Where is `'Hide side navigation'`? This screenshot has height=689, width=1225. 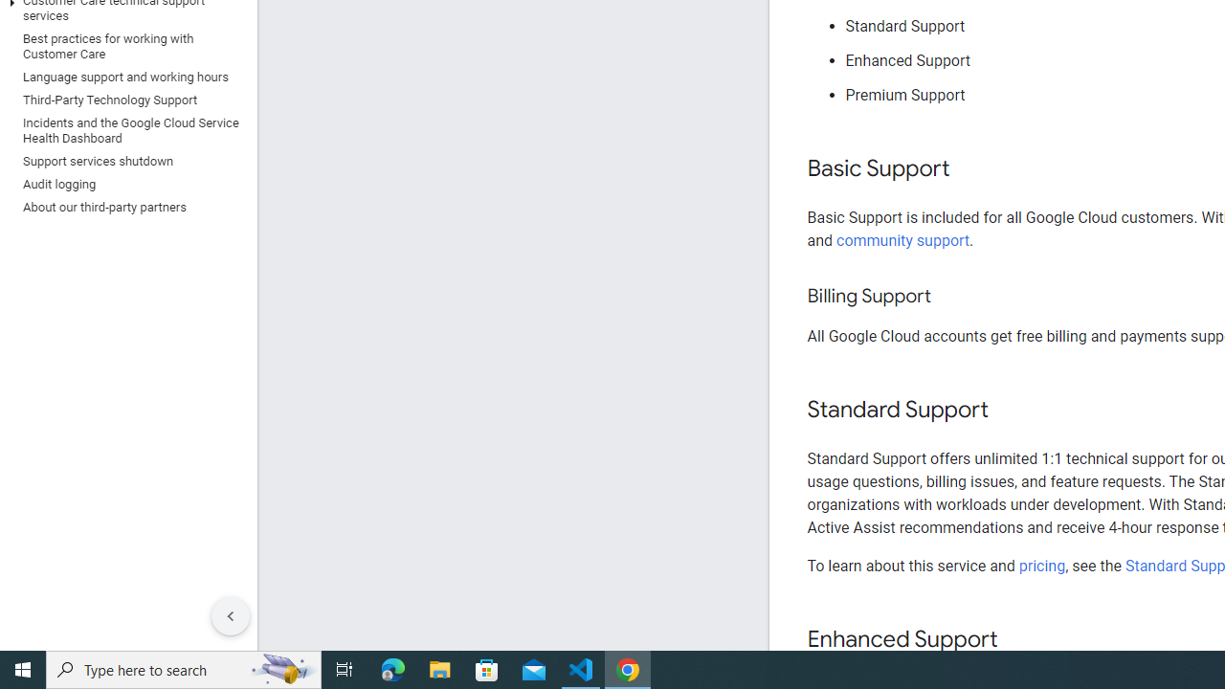
'Hide side navigation' is located at coordinates (230, 616).